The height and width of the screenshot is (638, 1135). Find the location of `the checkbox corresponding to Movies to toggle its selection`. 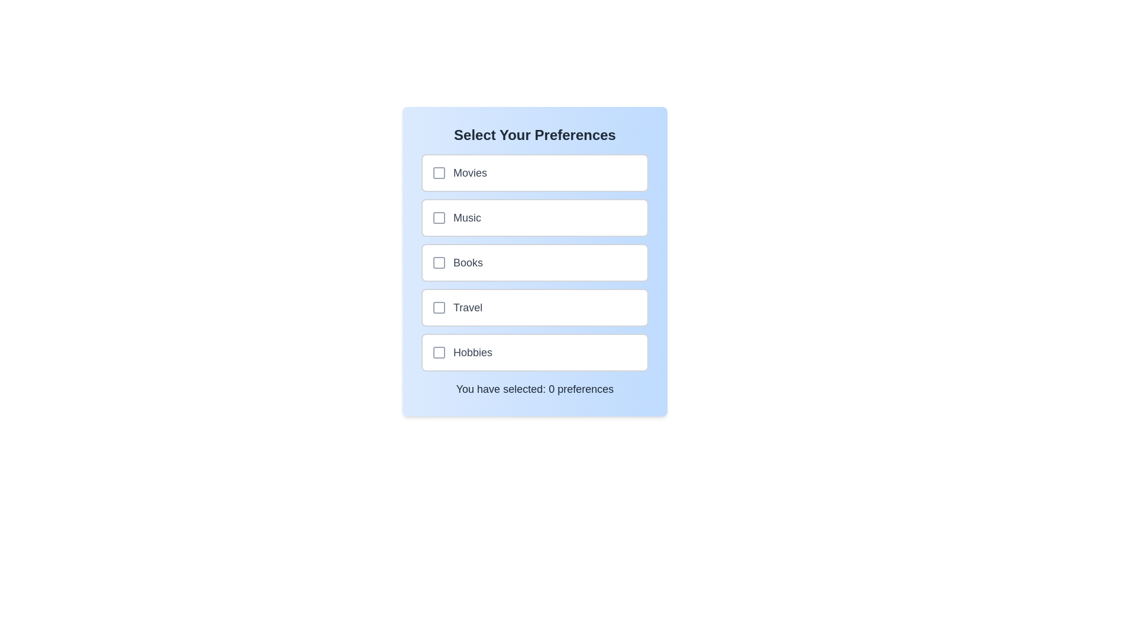

the checkbox corresponding to Movies to toggle its selection is located at coordinates (439, 173).